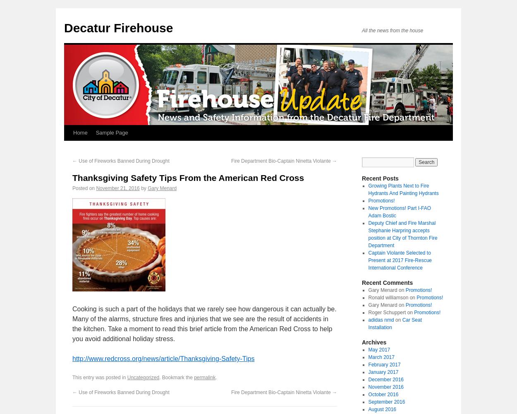 This screenshot has height=414, width=517. I want to click on 'November 2016', so click(385, 387).